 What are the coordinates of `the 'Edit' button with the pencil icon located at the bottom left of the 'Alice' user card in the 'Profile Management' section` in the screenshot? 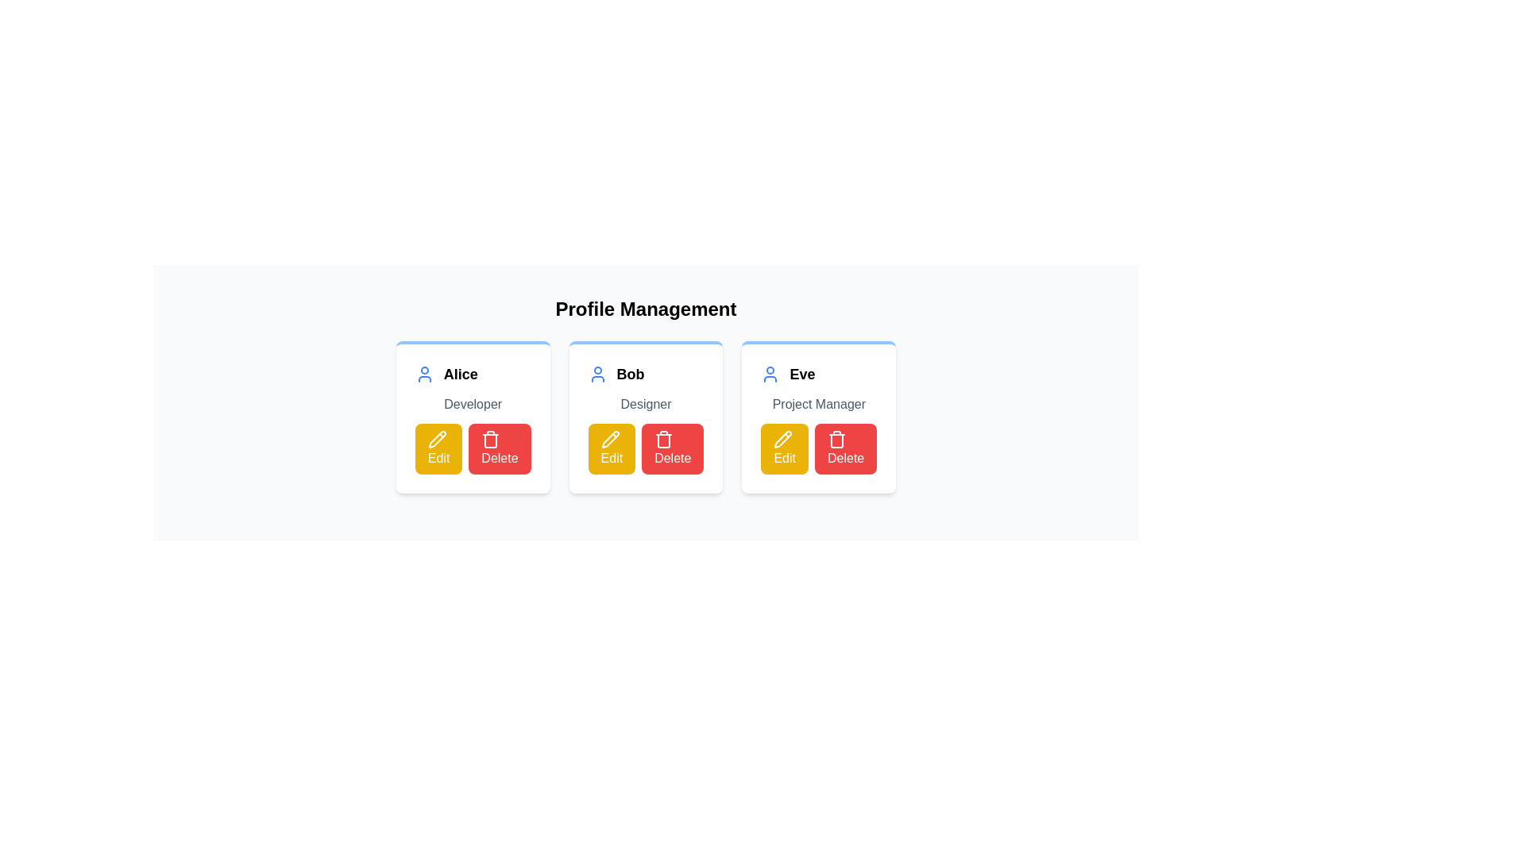 It's located at (437, 440).